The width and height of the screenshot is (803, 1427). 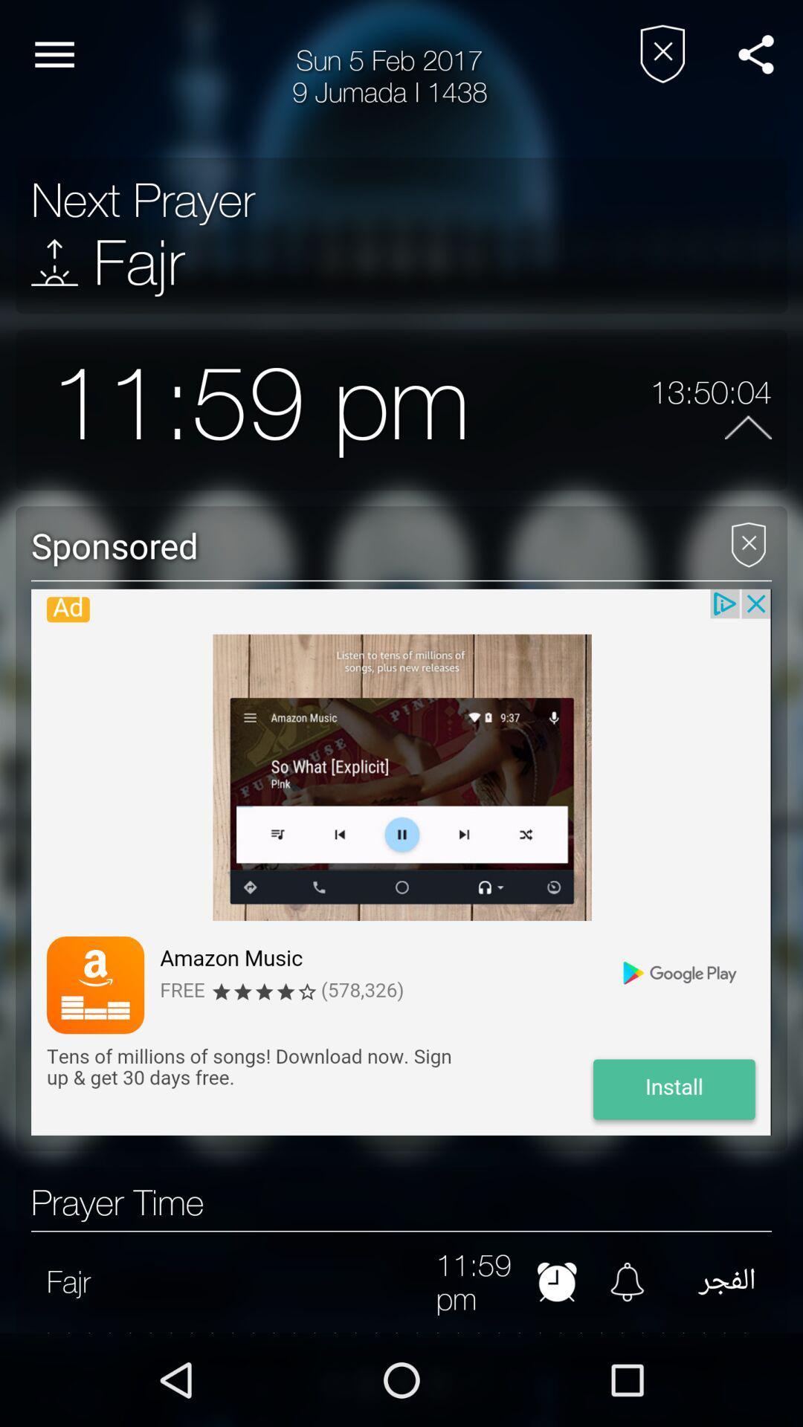 I want to click on the next prayer item, so click(x=143, y=199).